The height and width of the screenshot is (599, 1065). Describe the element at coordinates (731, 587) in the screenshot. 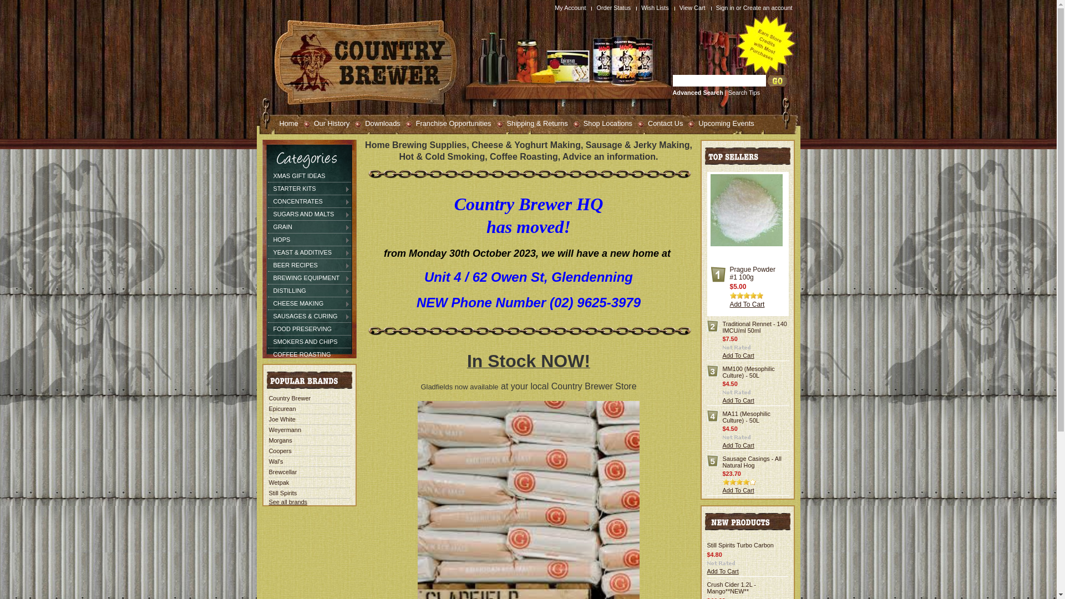

I see `'Crush Cider 1.2L - Mango**NEW**'` at that location.